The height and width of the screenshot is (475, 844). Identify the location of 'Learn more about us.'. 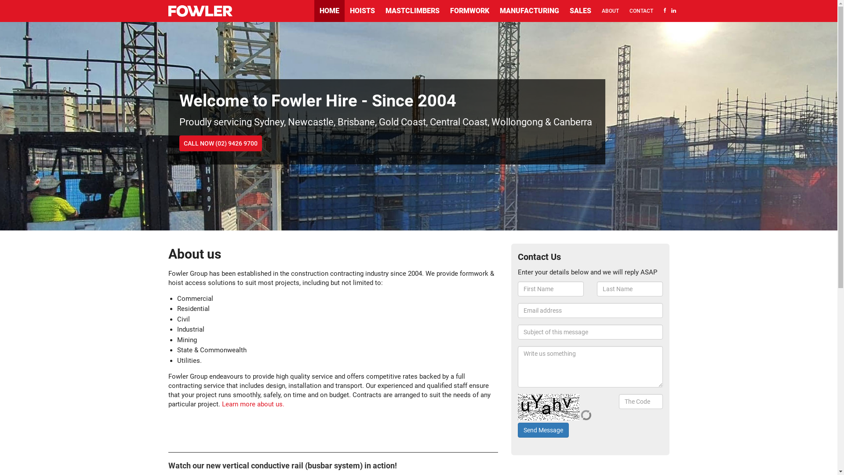
(252, 404).